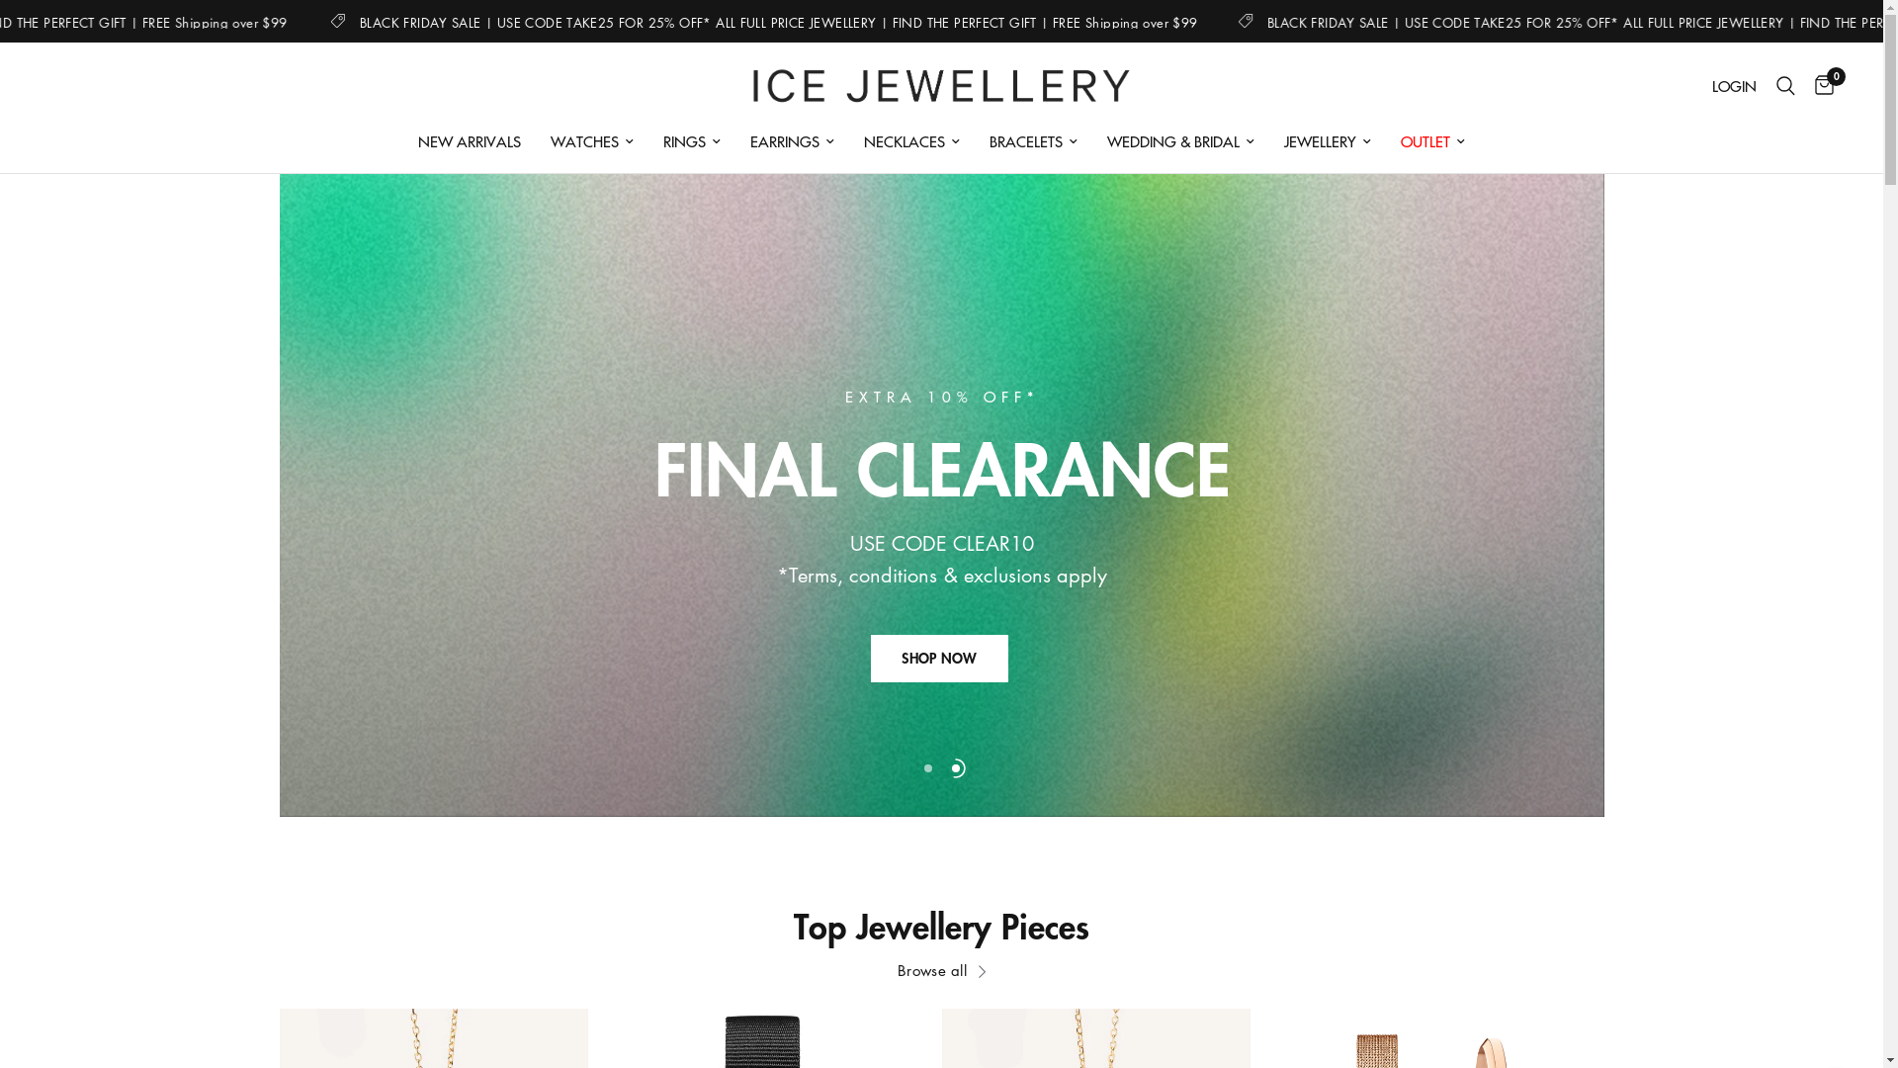 The width and height of the screenshot is (1898, 1068). I want to click on 'LOGIN', so click(1701, 85).